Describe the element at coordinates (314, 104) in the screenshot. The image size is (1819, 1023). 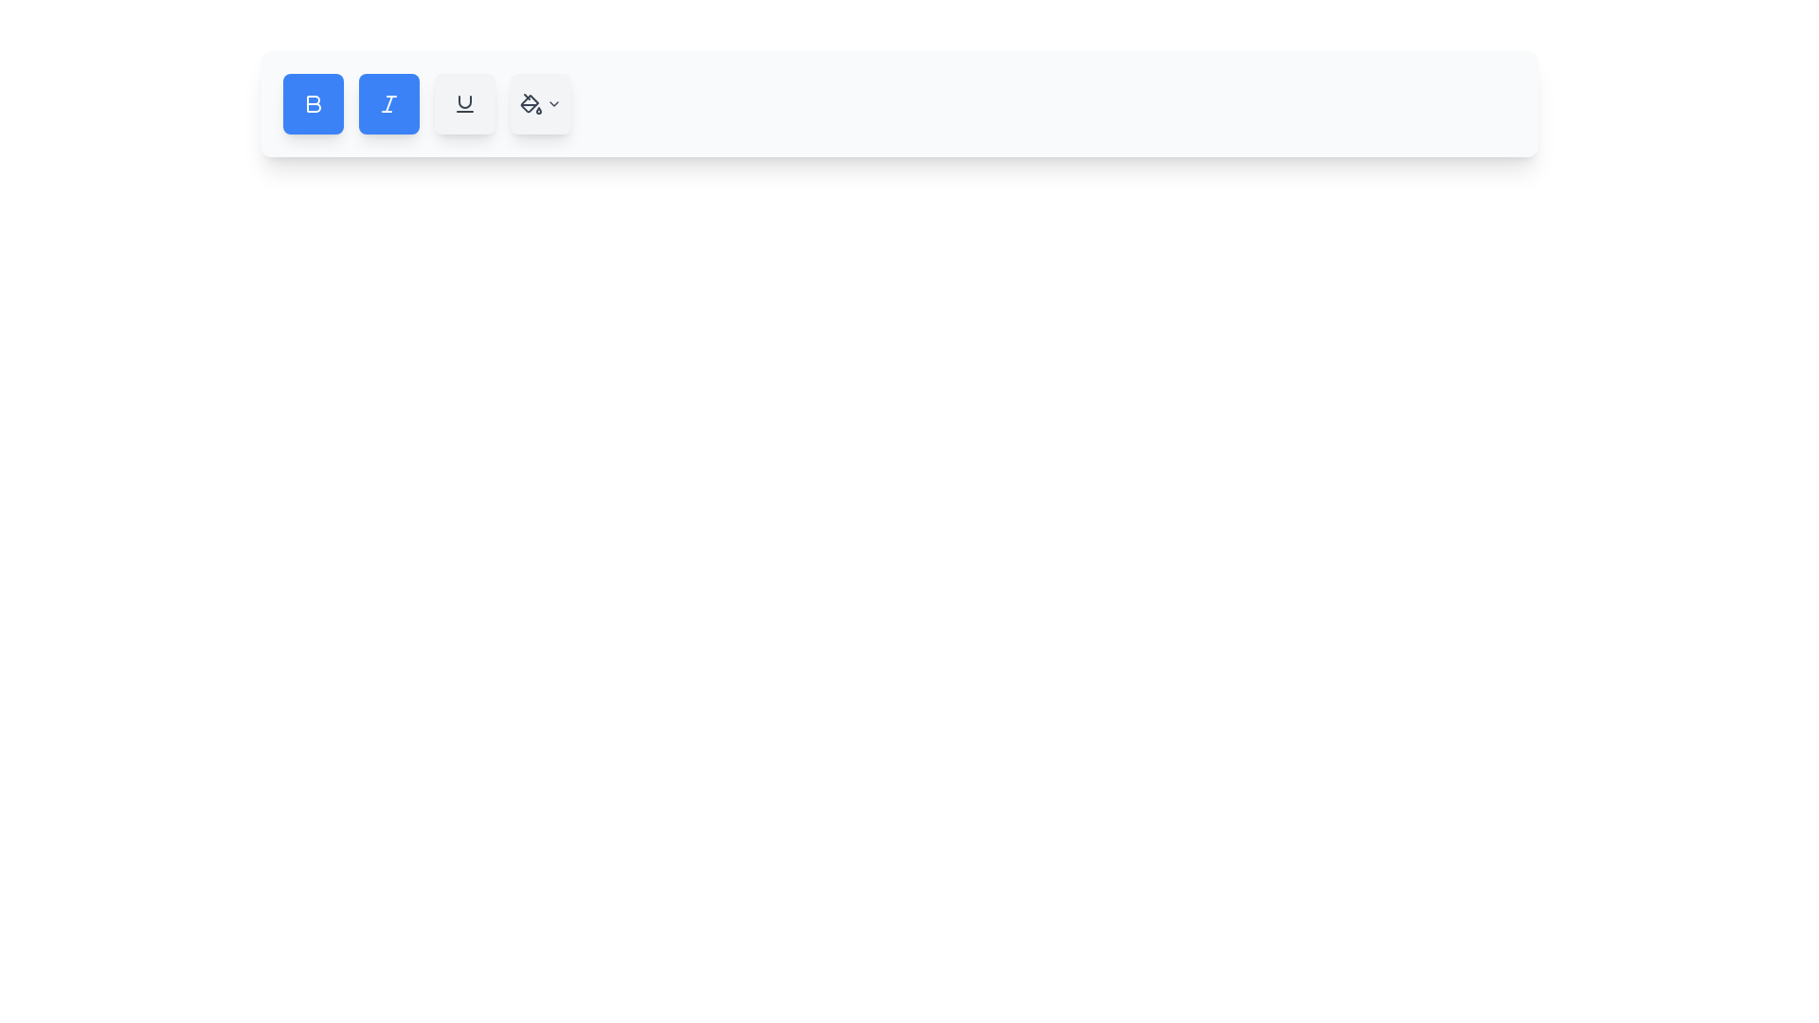
I see `the first button in the horizontal sequence of formatting option buttons` at that location.